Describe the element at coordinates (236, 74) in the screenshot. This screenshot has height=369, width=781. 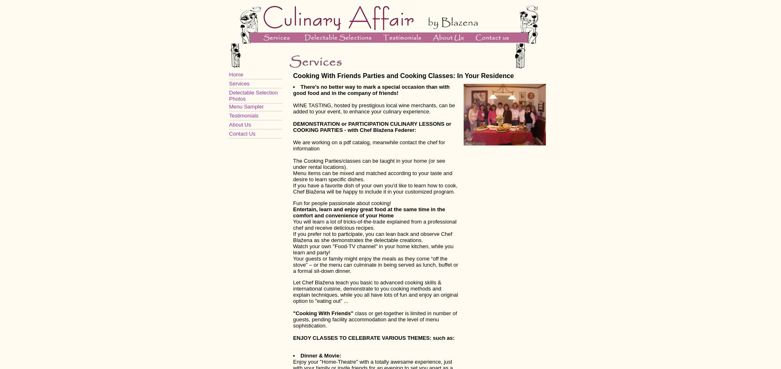
I see `'Home'` at that location.